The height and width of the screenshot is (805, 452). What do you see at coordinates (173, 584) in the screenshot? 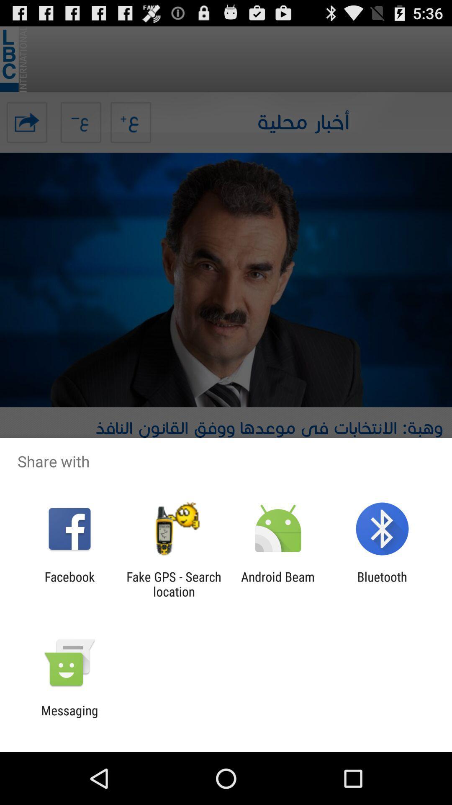
I see `fake gps search app` at bounding box center [173, 584].